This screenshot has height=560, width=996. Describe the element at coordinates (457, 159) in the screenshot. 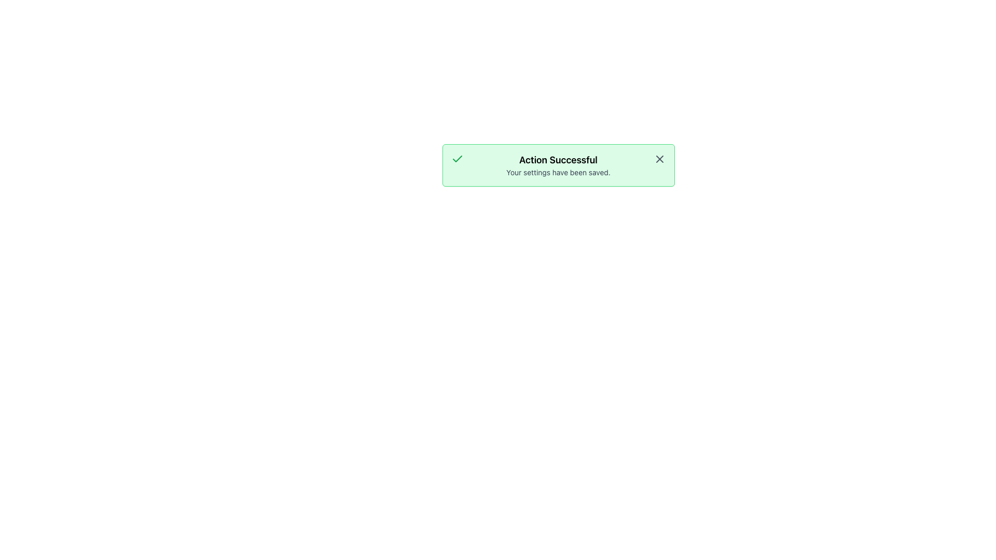

I see `the success icon located at the left edge of the message box with rounded corners and a light green background` at that location.